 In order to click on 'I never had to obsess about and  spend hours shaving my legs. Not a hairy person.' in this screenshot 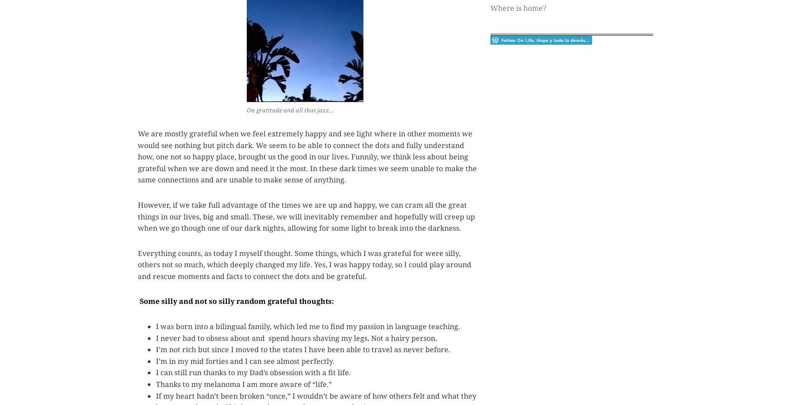, I will do `click(155, 338)`.